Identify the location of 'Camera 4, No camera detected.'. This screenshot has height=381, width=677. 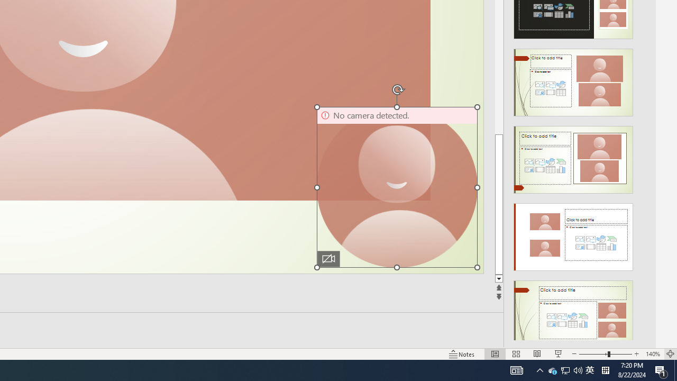
(396, 186).